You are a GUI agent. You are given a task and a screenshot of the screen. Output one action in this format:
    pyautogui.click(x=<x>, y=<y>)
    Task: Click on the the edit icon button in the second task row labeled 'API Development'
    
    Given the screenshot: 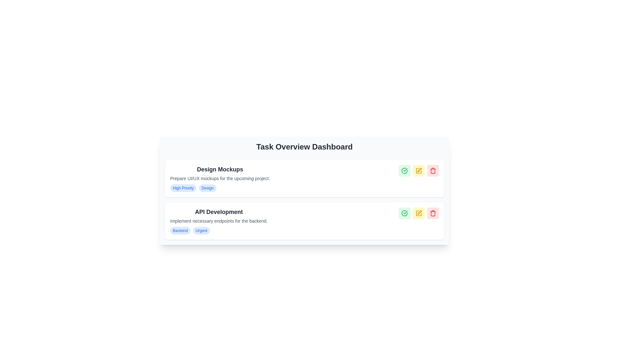 What is the action you would take?
    pyautogui.click(x=418, y=213)
    